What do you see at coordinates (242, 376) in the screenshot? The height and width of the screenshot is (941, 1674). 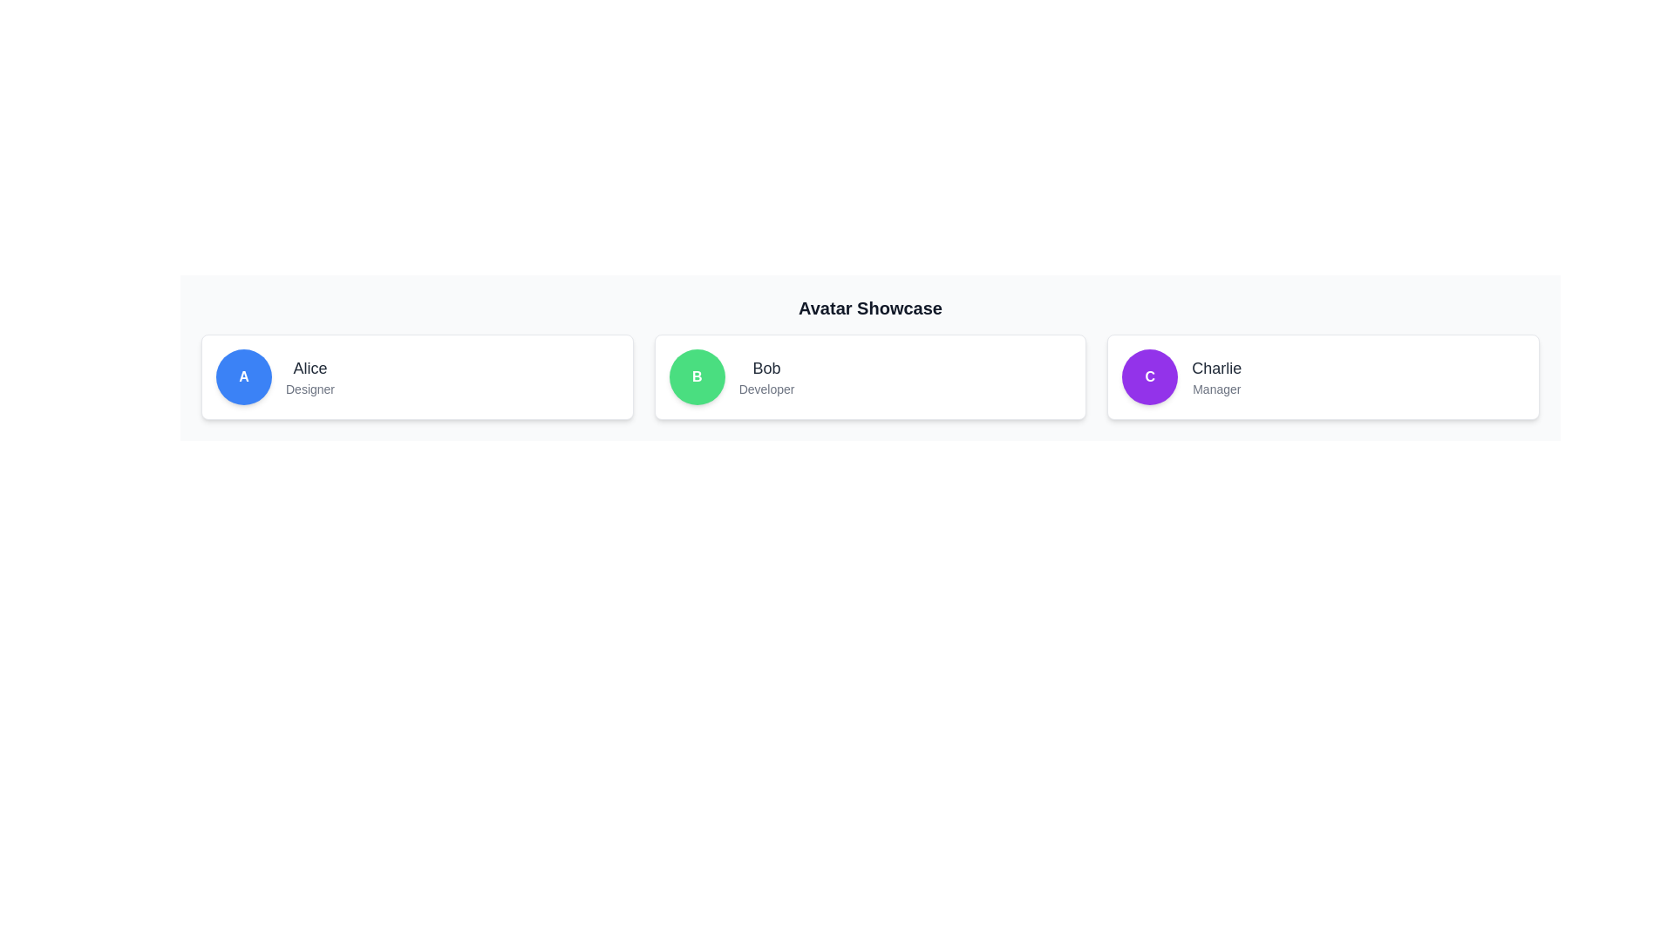 I see `the circular blue icon with the capital letter 'A' in white font` at bounding box center [242, 376].